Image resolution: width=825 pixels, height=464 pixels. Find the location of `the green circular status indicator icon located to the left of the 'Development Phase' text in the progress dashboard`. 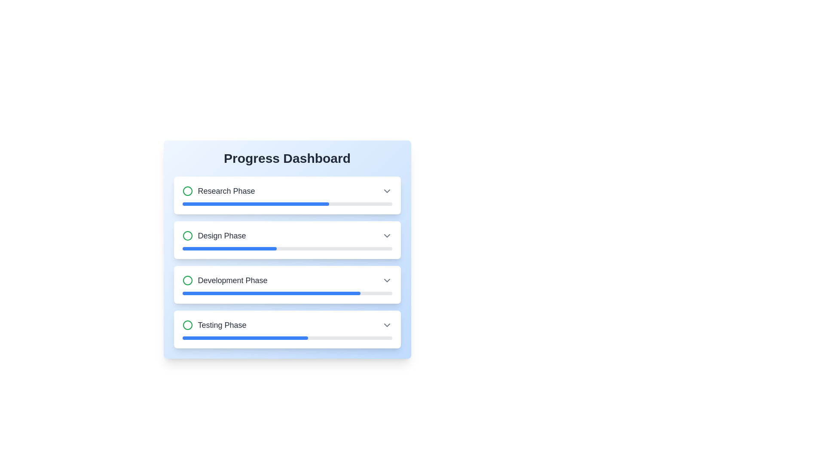

the green circular status indicator icon located to the left of the 'Development Phase' text in the progress dashboard is located at coordinates (187, 280).